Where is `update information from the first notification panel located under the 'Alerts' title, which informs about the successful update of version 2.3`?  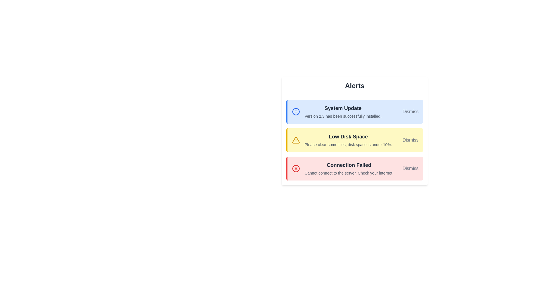
update information from the first notification panel located under the 'Alerts' title, which informs about the successful update of version 2.3 is located at coordinates (354, 112).